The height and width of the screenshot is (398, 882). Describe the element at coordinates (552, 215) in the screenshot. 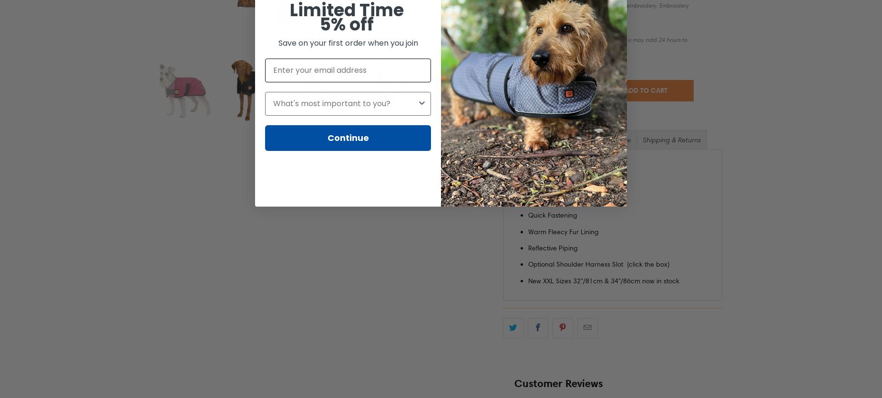

I see `'Quick Fastening'` at that location.